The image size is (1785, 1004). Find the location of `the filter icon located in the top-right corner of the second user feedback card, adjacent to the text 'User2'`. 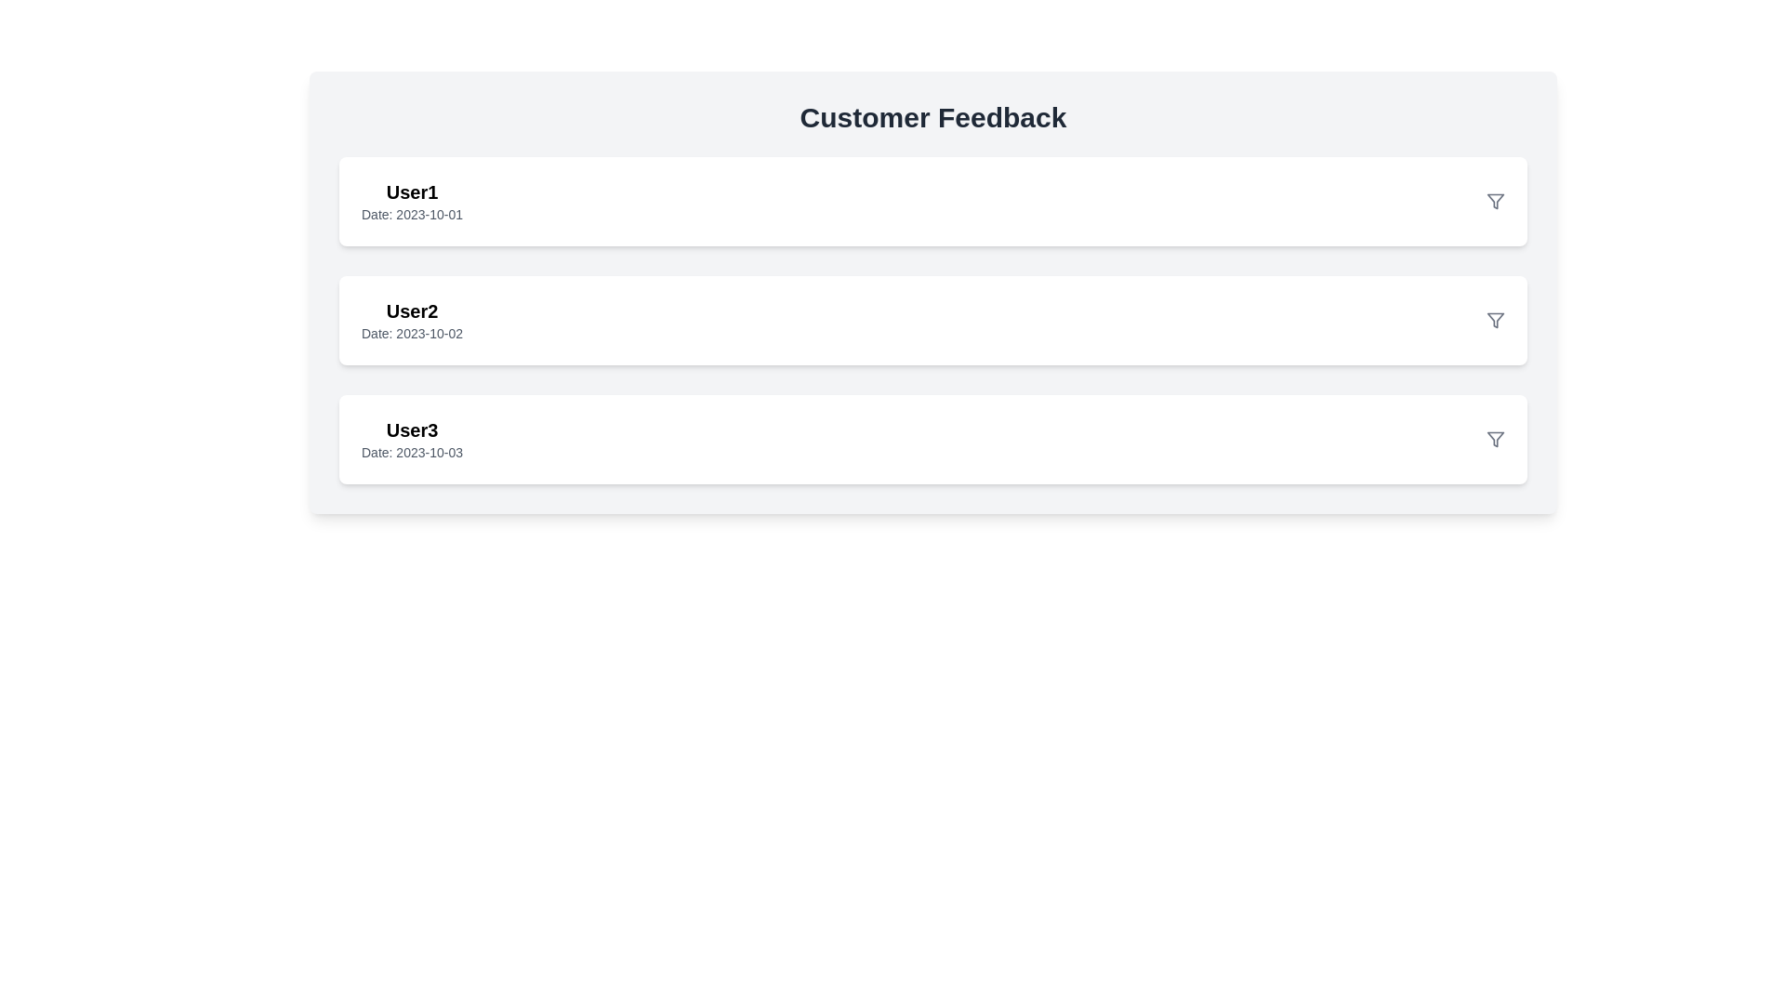

the filter icon located in the top-right corner of the second user feedback card, adjacent to the text 'User2' is located at coordinates (1495, 201).